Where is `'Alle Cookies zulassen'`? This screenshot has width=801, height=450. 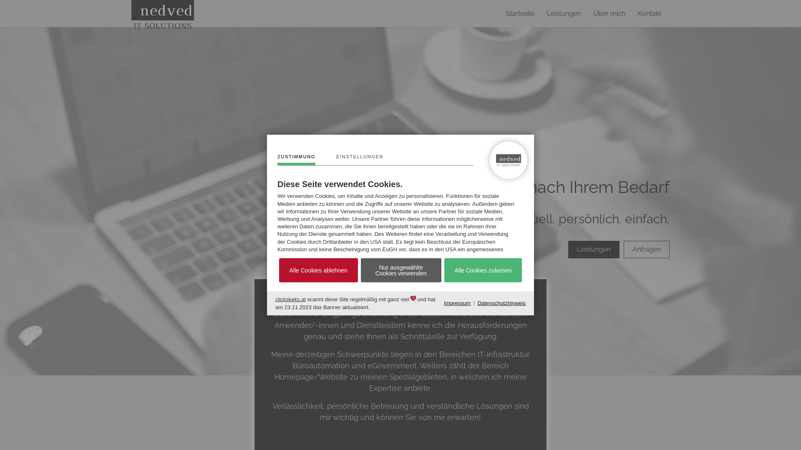 'Alle Cookies zulassen' is located at coordinates (483, 270).